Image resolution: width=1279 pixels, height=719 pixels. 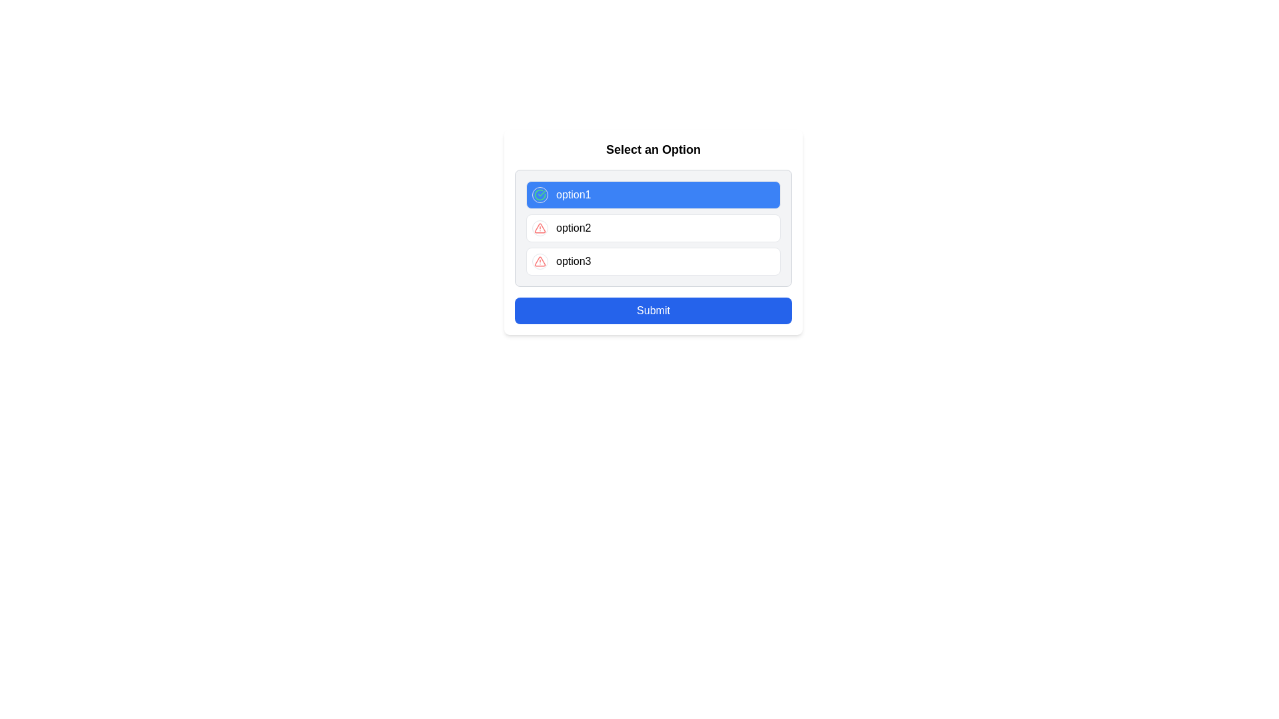 What do you see at coordinates (540, 195) in the screenshot?
I see `the SVG graphic indicating a positive or selected state next to the first option labeled 'option1' in the vertical list` at bounding box center [540, 195].